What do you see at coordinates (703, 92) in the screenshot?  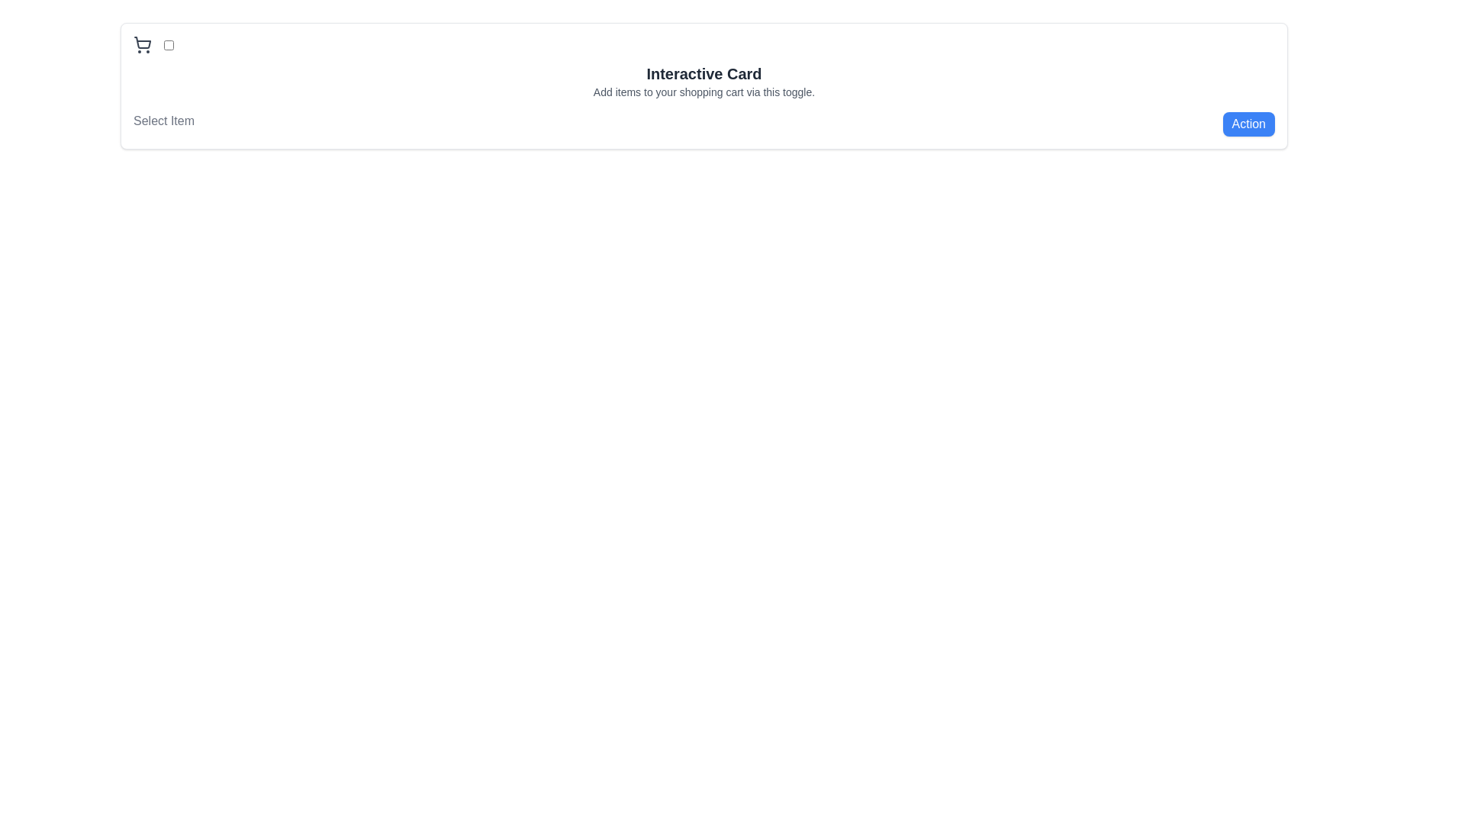 I see `the text label that reads 'Add items to your shopping cart via this toggle', which is styled in a smaller font size and lighter gray color, located below the 'Interactive Card' text element` at bounding box center [703, 92].